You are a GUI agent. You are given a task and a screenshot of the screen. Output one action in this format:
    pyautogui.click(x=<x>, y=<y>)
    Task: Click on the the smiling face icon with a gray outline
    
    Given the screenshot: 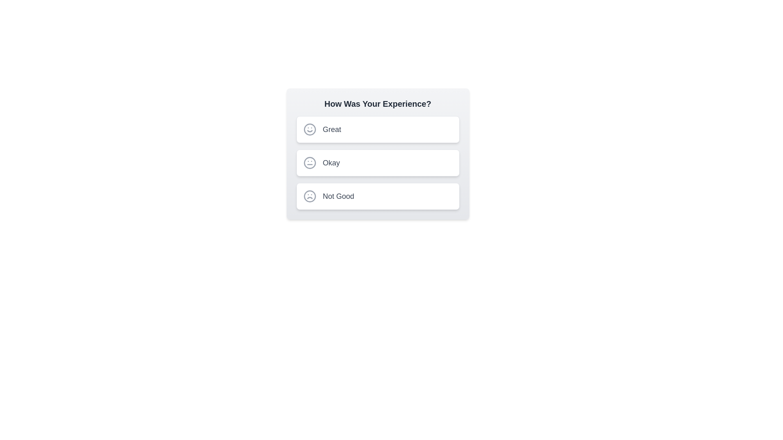 What is the action you would take?
    pyautogui.click(x=309, y=129)
    